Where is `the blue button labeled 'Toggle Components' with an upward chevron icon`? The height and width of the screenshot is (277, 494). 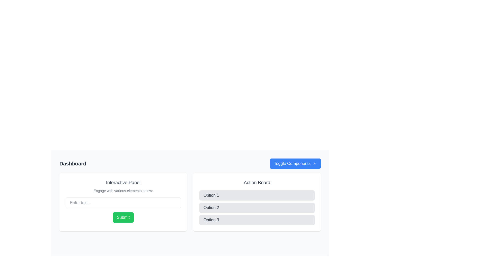 the blue button labeled 'Toggle Components' with an upward chevron icon is located at coordinates (295, 163).